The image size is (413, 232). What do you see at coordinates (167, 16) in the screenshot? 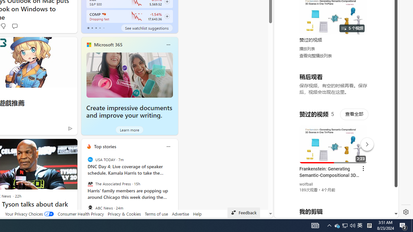
I see `'Class: follow-button  m'` at bounding box center [167, 16].